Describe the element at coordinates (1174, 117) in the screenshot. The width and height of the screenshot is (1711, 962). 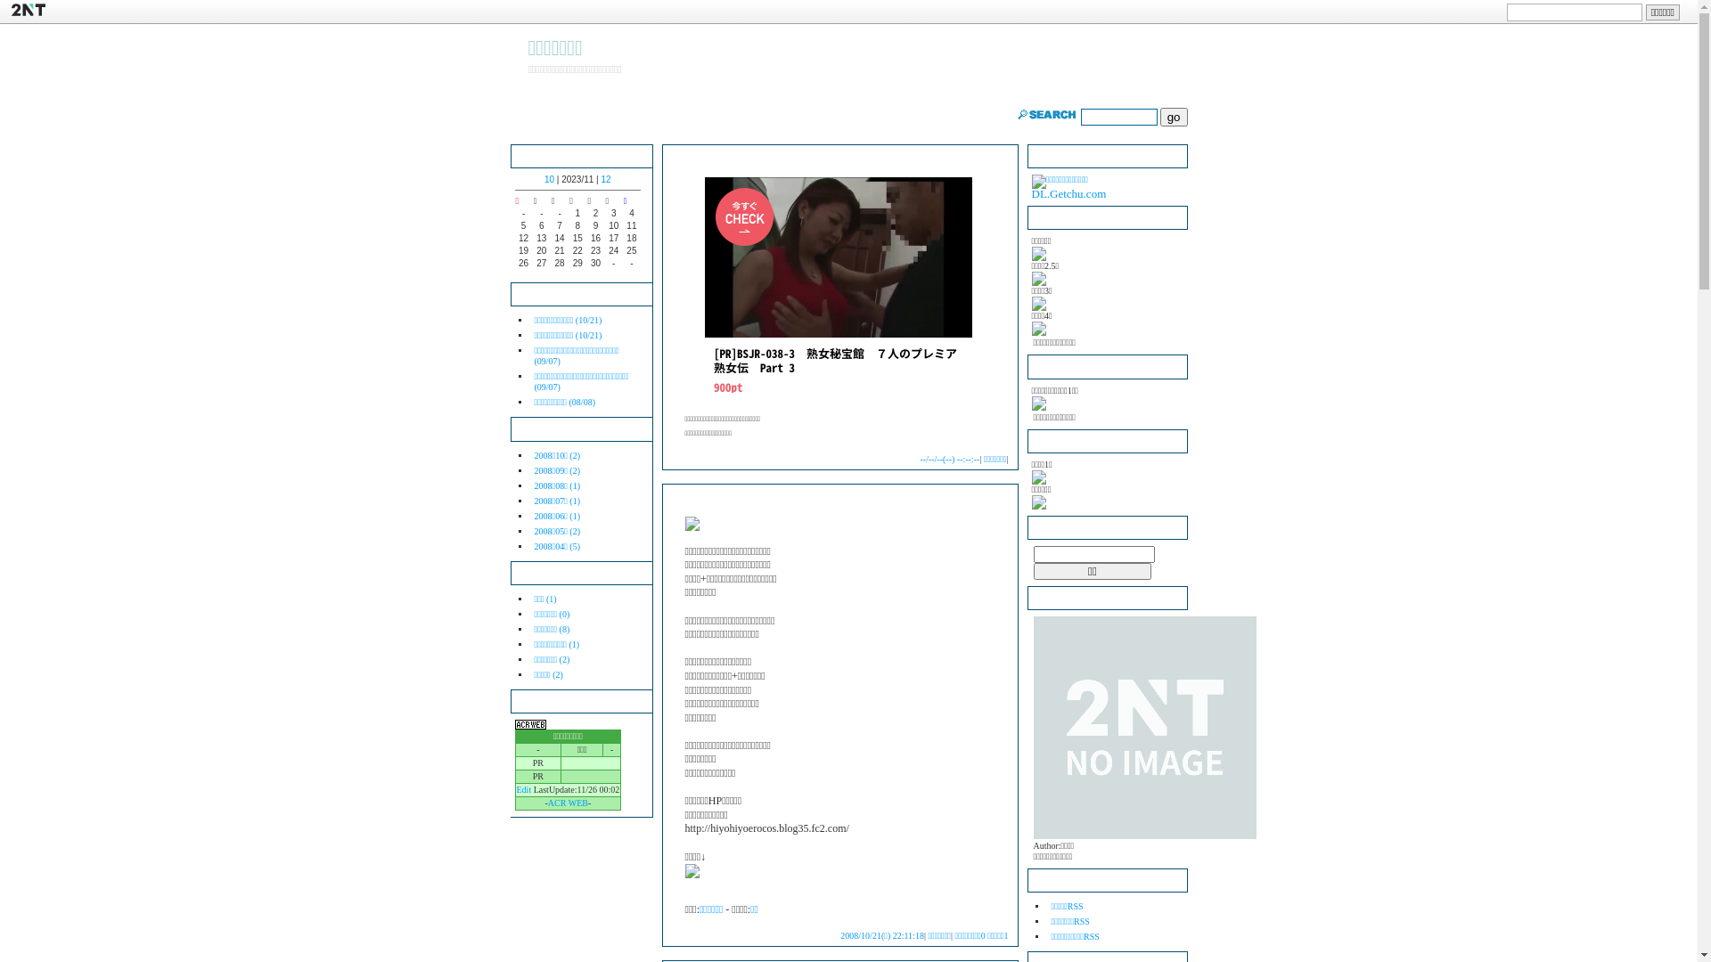
I see `'go'` at that location.